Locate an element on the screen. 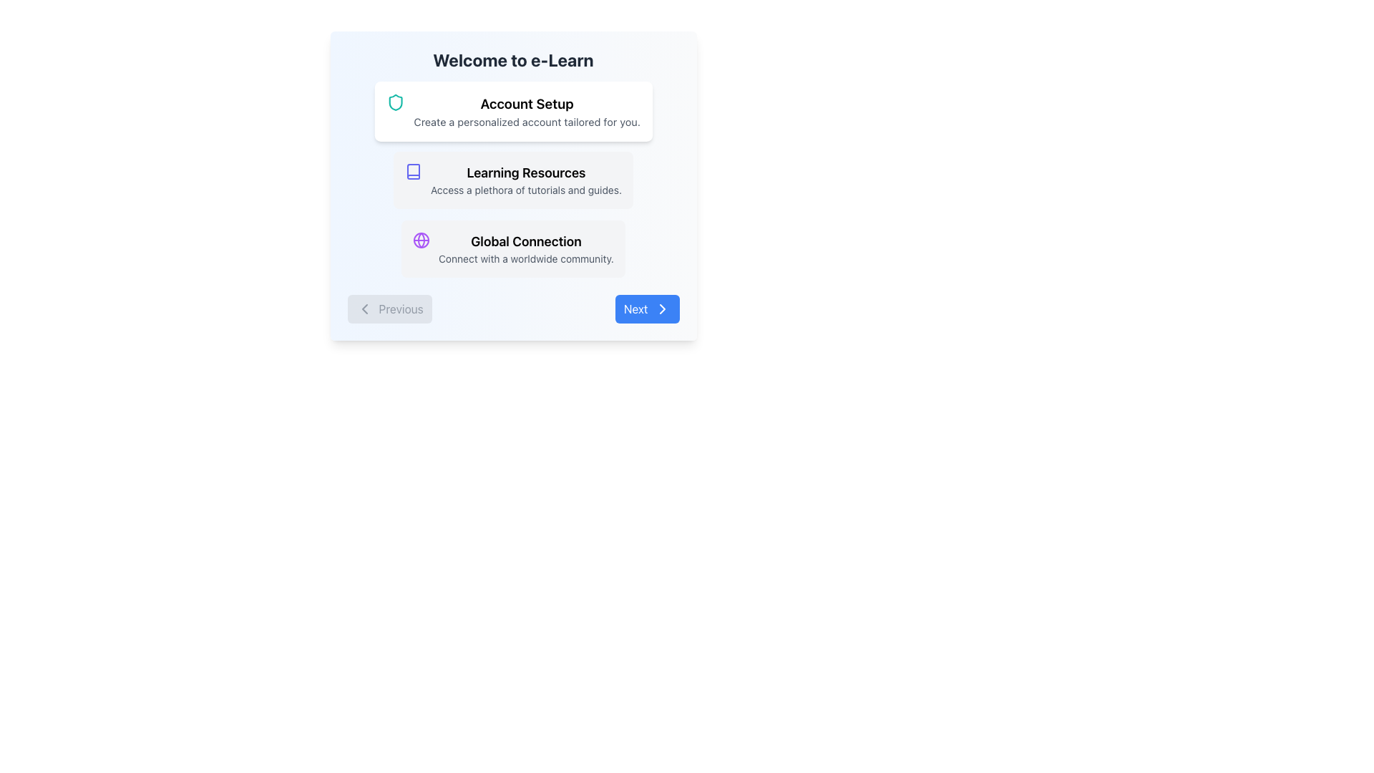  the disabled navigation button located at the bottom-left corner of the interface, which is positioned to the left of the blue 'Next' button is located at coordinates (389, 308).